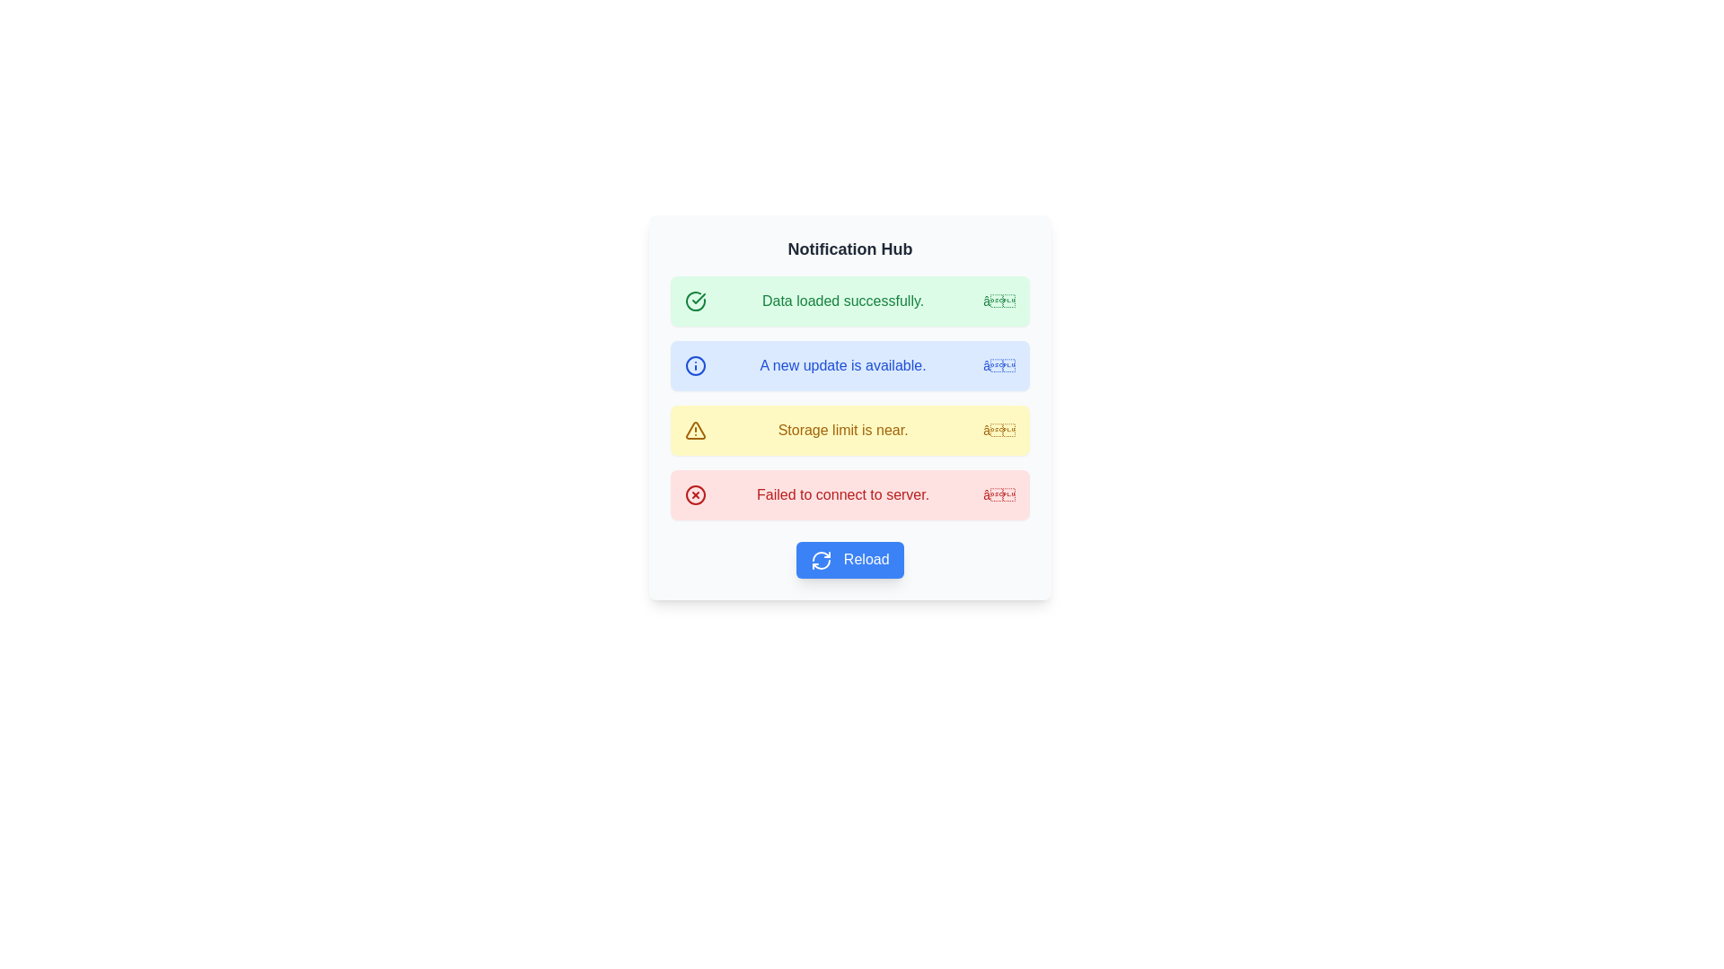 This screenshot has height=969, width=1724. Describe the element at coordinates (842, 365) in the screenshot. I see `the text label that reads 'A new update is available.' which is styled with a blue font color against a light blue background and is positioned as the second notification in a vertical stack` at that location.